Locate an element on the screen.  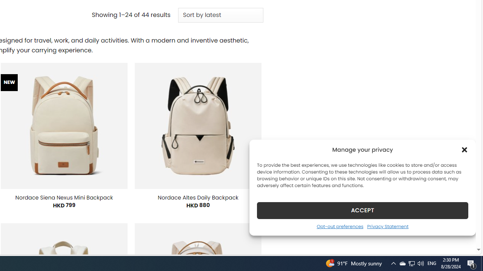
'ACCEPT' is located at coordinates (363, 210).